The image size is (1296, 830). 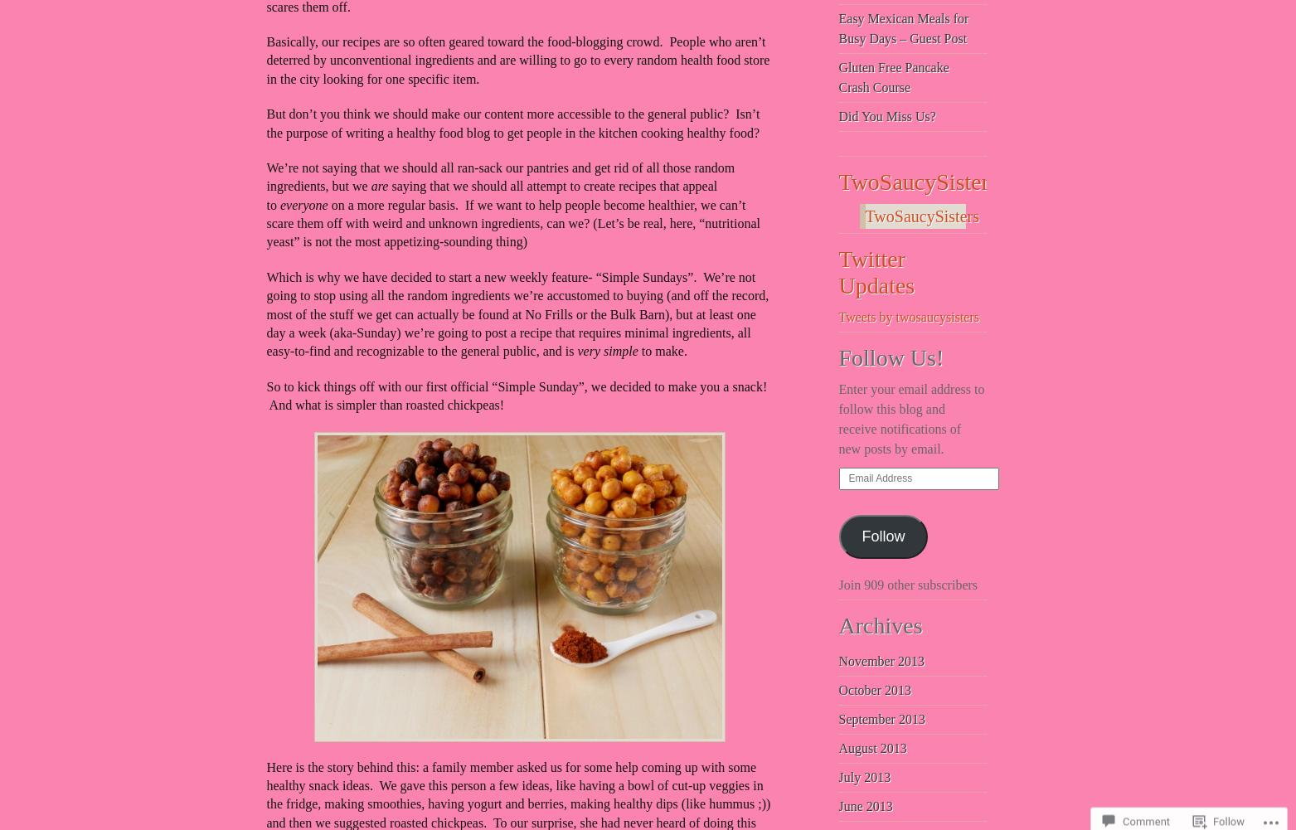 I want to click on 'very simple', so click(x=609, y=350).